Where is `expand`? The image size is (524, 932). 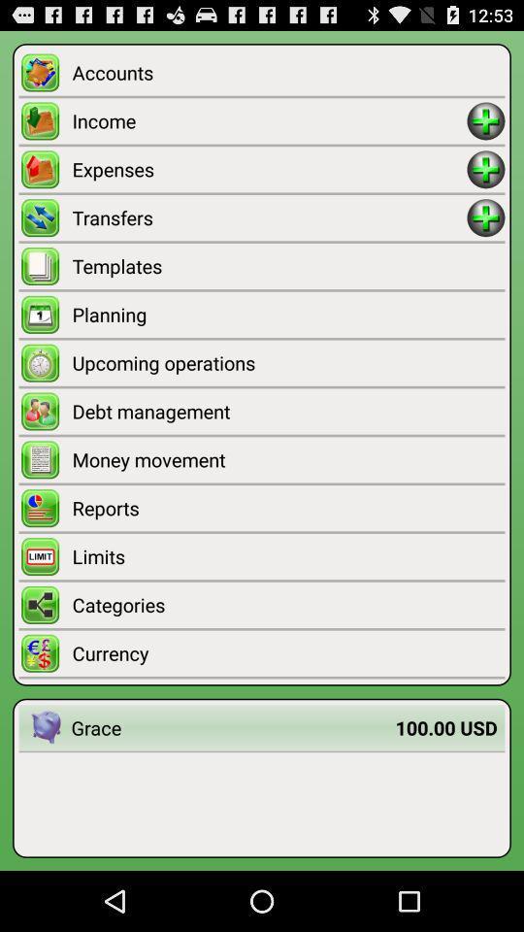
expand is located at coordinates (485, 217).